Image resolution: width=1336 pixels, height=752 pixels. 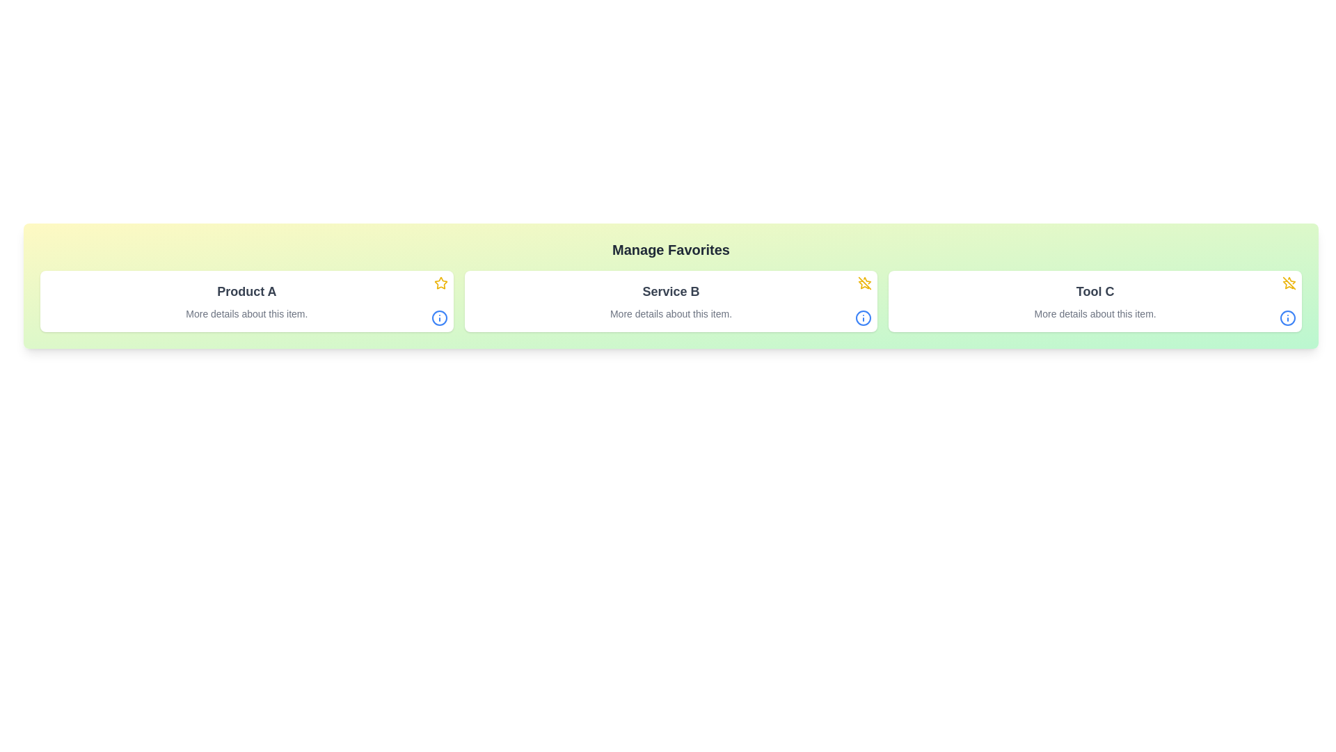 What do you see at coordinates (671, 300) in the screenshot?
I see `the card labeled Service B to see its hover effects` at bounding box center [671, 300].